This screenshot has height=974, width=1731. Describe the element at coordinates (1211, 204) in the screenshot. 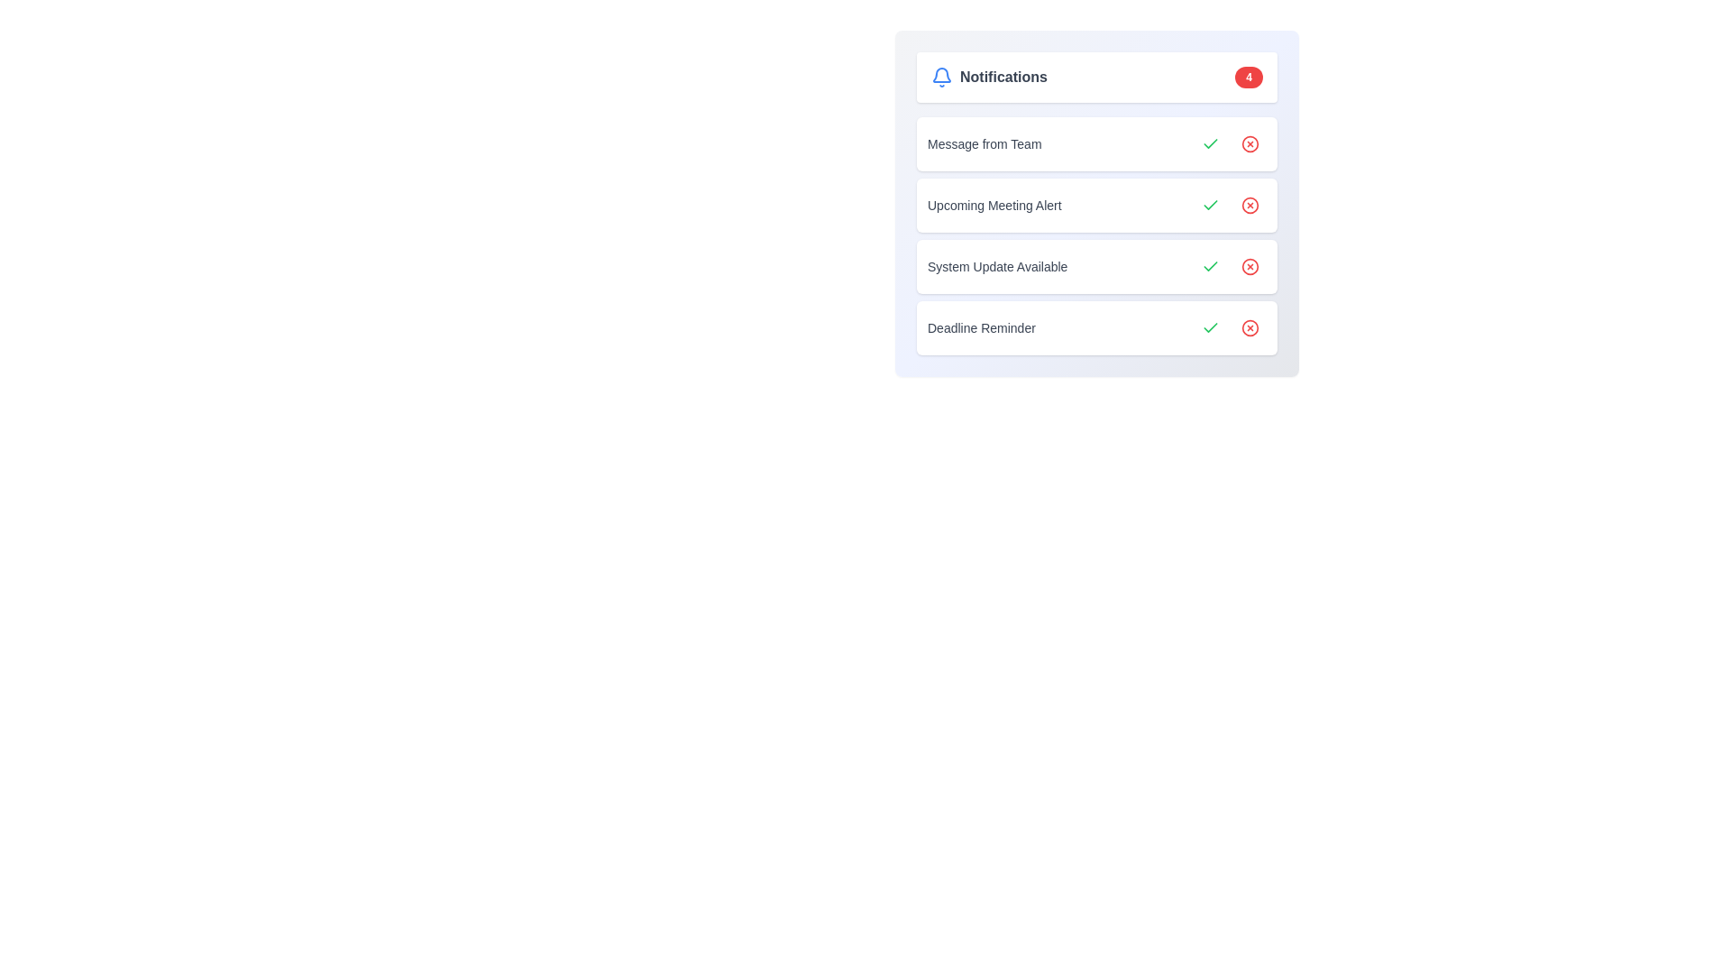

I see `the circular green button with a checkmark icon, located between the 'Upcoming Meeting Alert' label and a red circular button in the notification list` at that location.